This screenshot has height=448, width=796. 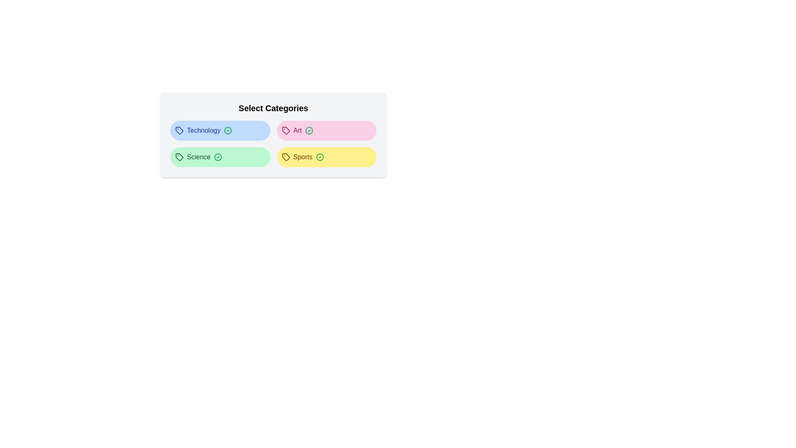 I want to click on the category tag labeled Science, so click(x=220, y=157).